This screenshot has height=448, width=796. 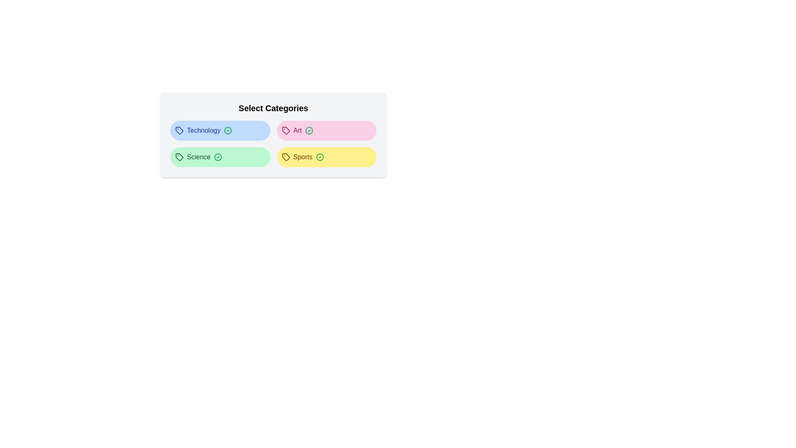 I want to click on the category tag labeled Science, so click(x=220, y=157).